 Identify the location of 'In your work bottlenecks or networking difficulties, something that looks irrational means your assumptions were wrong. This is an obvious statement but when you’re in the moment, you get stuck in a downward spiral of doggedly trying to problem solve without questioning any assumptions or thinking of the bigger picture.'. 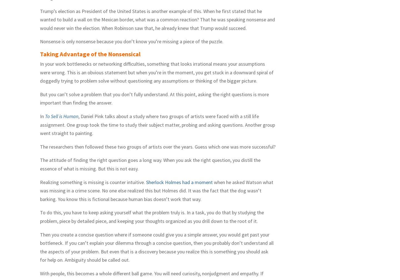
(157, 72).